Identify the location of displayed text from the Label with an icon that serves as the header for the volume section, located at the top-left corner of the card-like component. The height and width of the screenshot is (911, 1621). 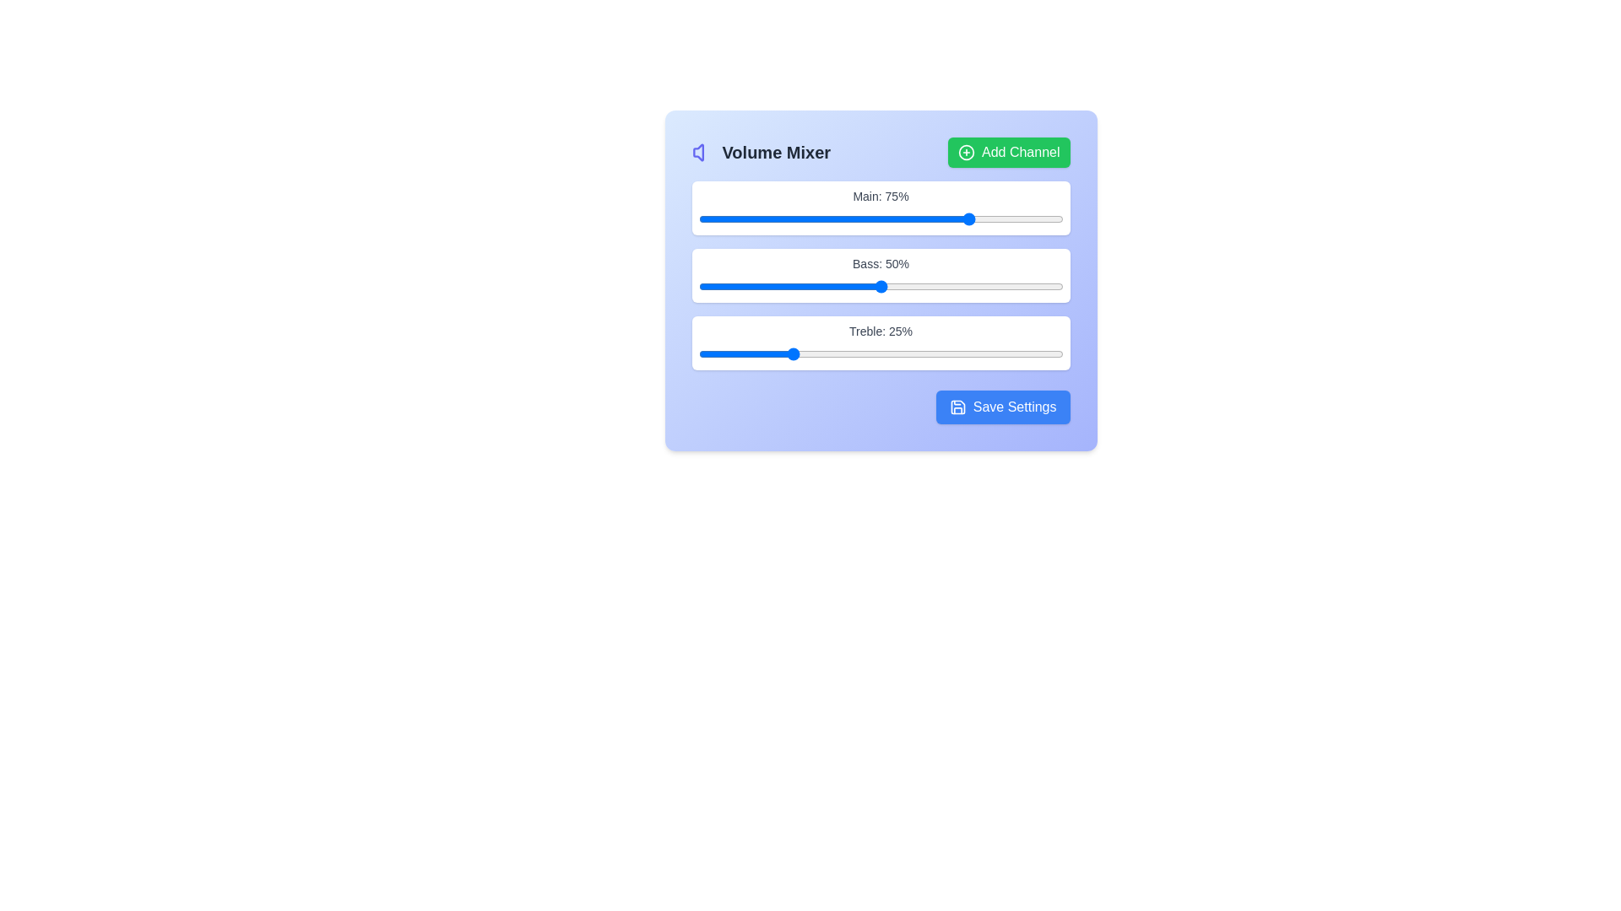
(760, 153).